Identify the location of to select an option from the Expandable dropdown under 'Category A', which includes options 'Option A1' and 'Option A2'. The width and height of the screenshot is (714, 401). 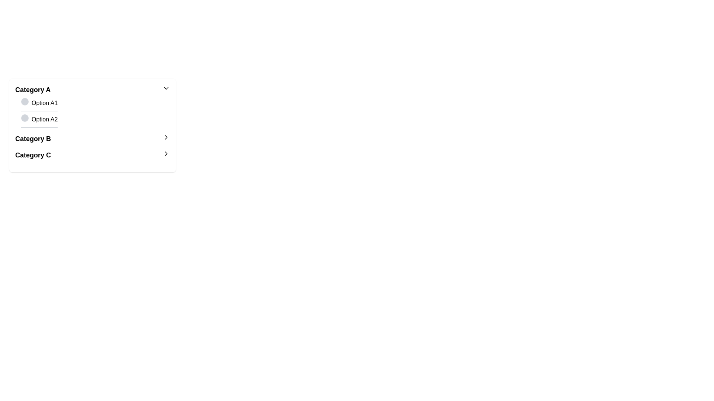
(92, 106).